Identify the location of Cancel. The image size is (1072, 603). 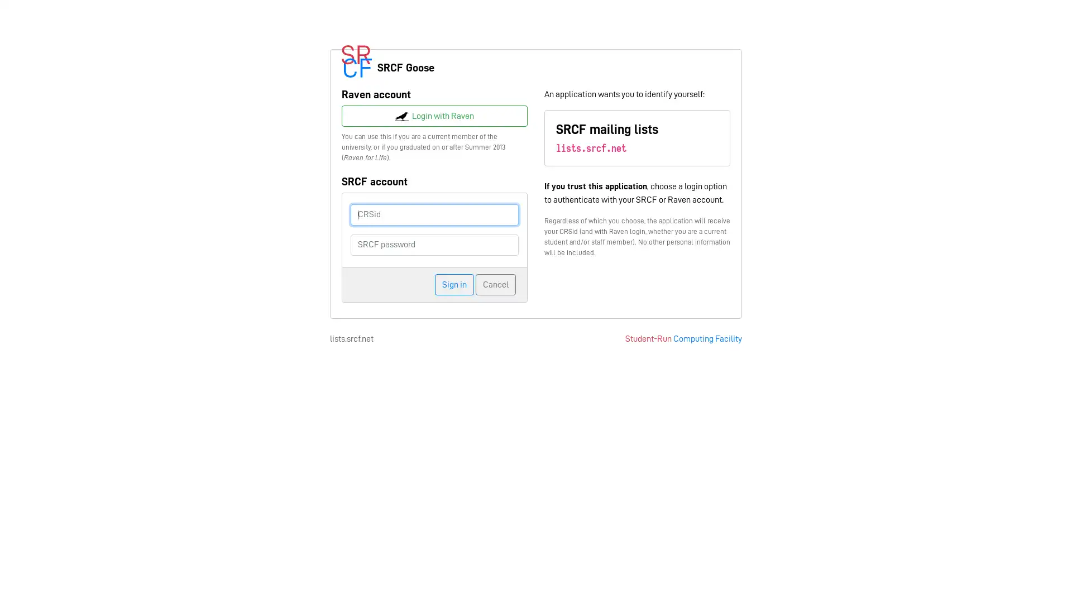
(495, 284).